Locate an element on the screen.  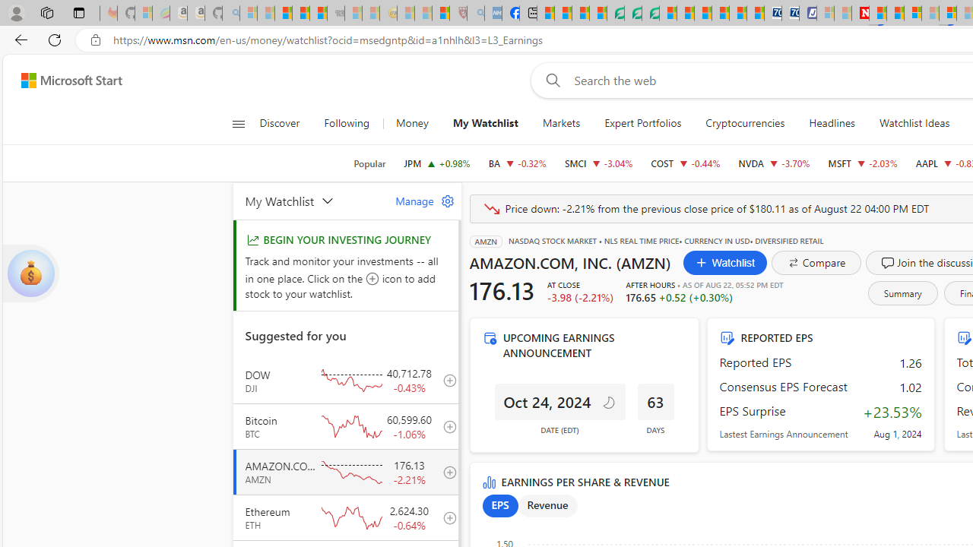
'Markets' is located at coordinates (560, 123).